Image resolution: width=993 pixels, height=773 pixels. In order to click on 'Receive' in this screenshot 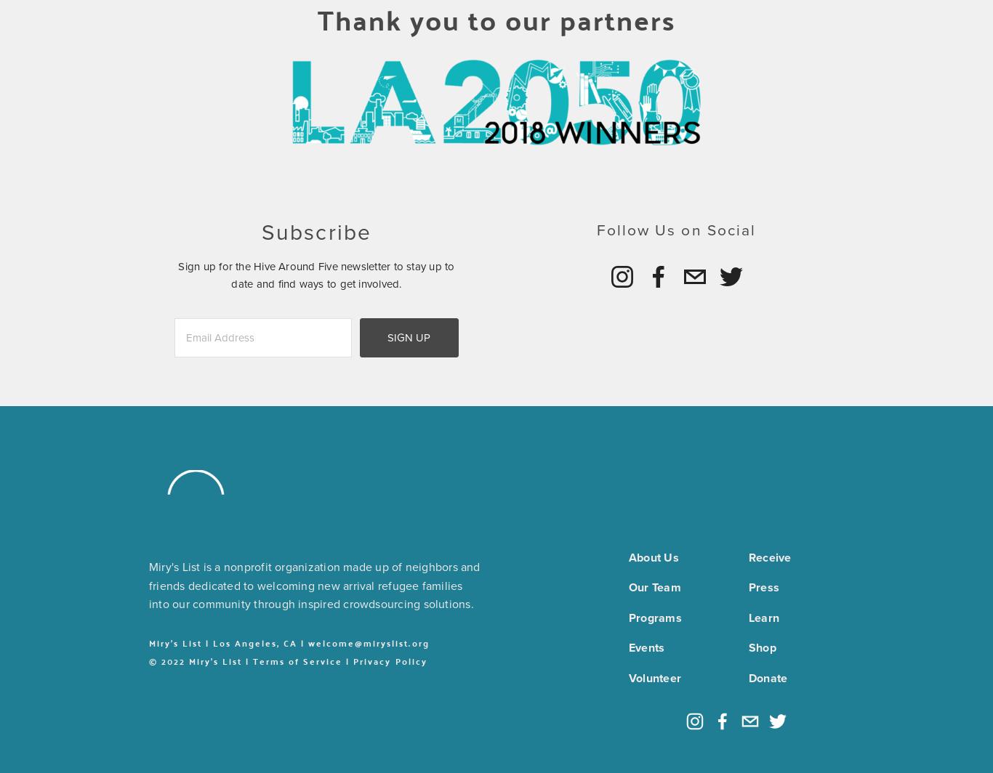, I will do `click(747, 557)`.